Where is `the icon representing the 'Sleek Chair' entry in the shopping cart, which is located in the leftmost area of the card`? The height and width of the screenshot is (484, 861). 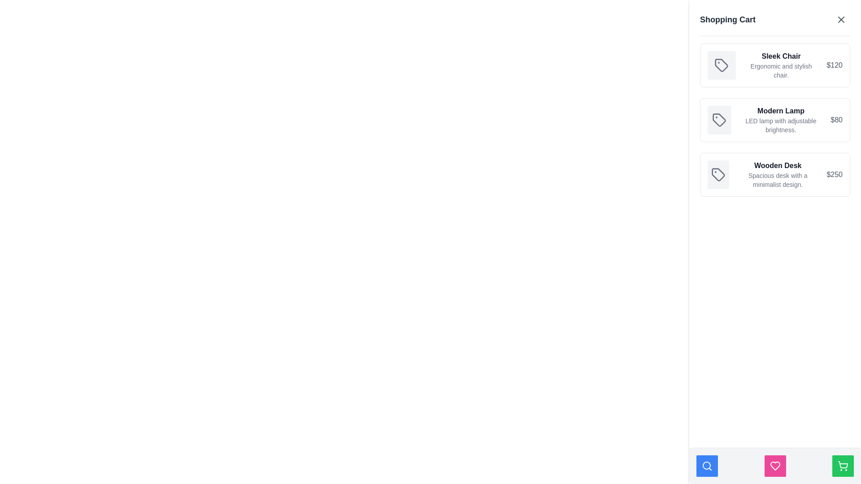 the icon representing the 'Sleek Chair' entry in the shopping cart, which is located in the leftmost area of the card is located at coordinates (722, 65).